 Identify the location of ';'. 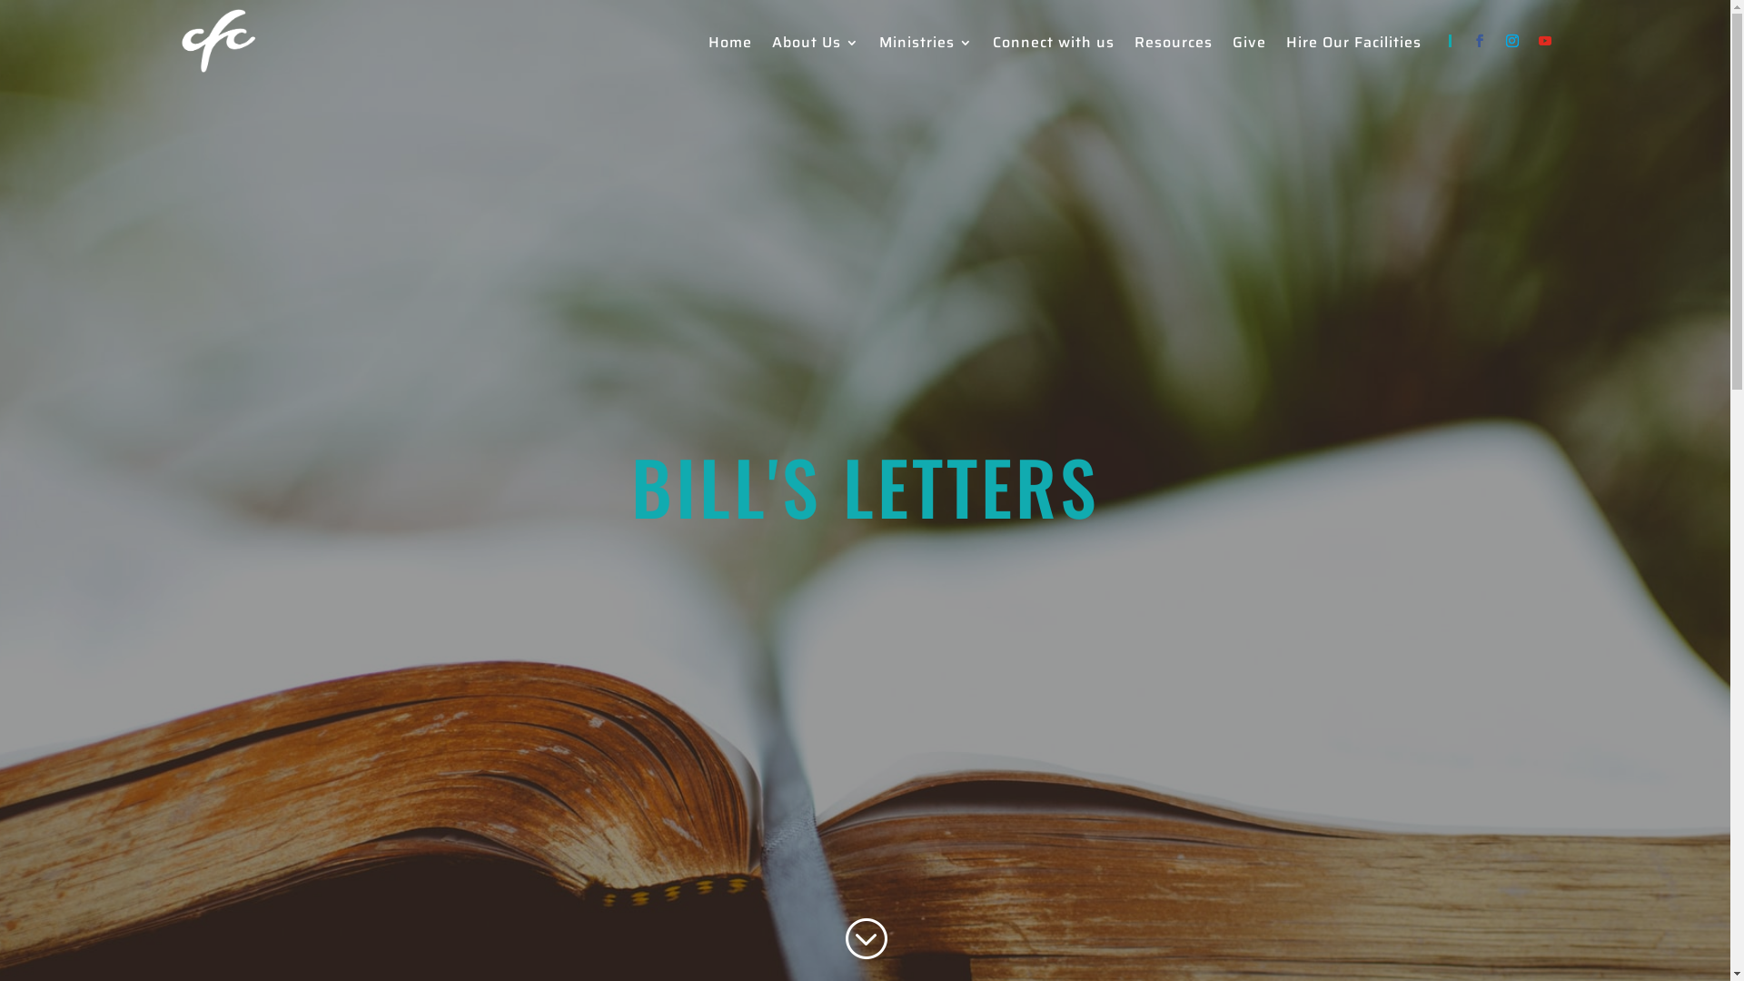
(864, 938).